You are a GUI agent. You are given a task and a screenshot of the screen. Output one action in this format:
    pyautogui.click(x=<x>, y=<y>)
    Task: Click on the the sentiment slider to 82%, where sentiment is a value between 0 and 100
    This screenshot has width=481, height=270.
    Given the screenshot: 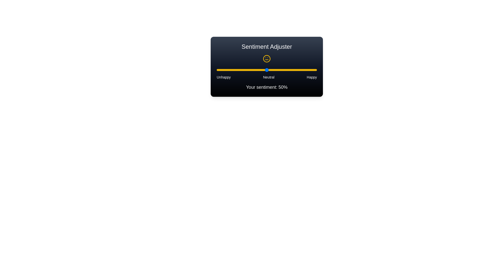 What is the action you would take?
    pyautogui.click(x=299, y=70)
    